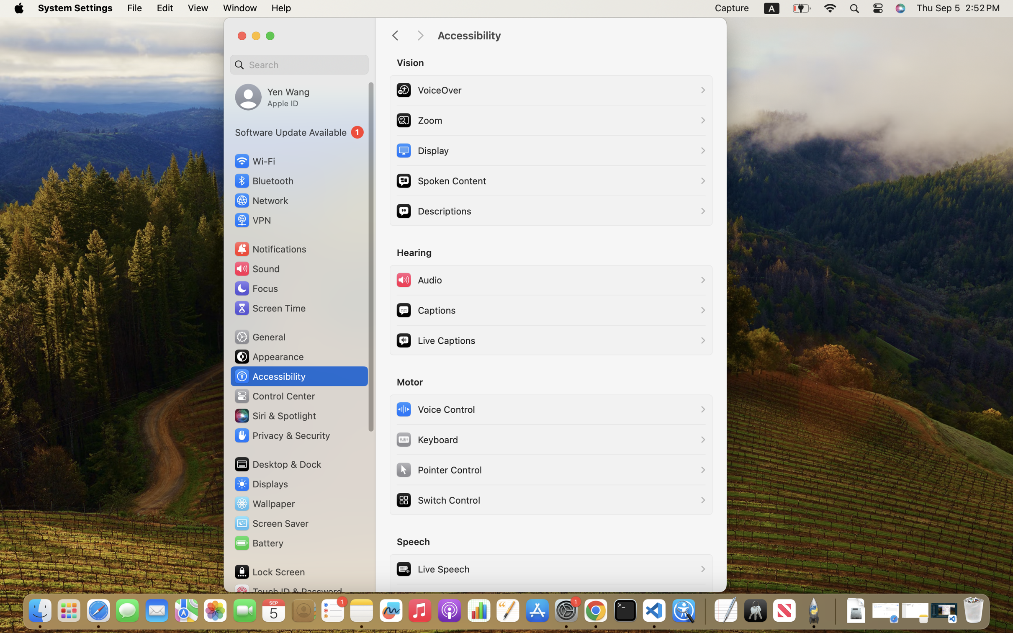  What do you see at coordinates (255, 288) in the screenshot?
I see `'Focus'` at bounding box center [255, 288].